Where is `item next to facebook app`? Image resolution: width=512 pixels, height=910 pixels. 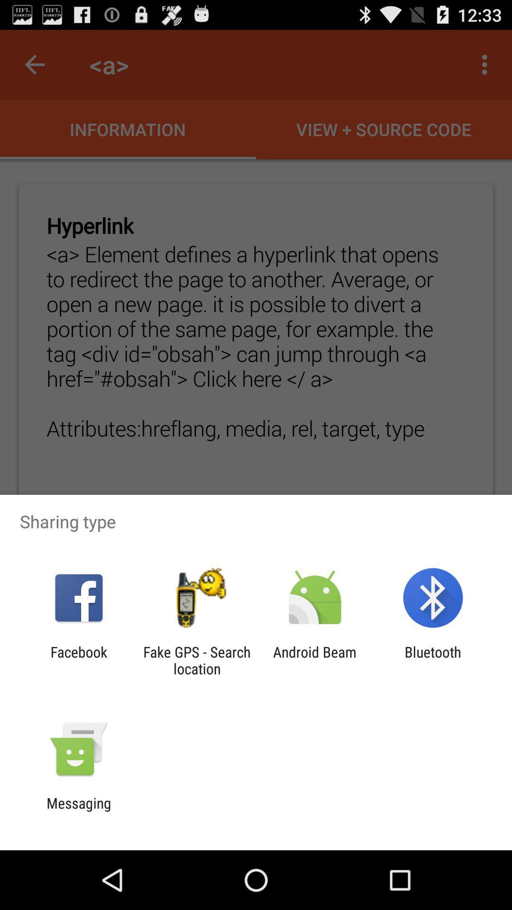 item next to facebook app is located at coordinates (196, 660).